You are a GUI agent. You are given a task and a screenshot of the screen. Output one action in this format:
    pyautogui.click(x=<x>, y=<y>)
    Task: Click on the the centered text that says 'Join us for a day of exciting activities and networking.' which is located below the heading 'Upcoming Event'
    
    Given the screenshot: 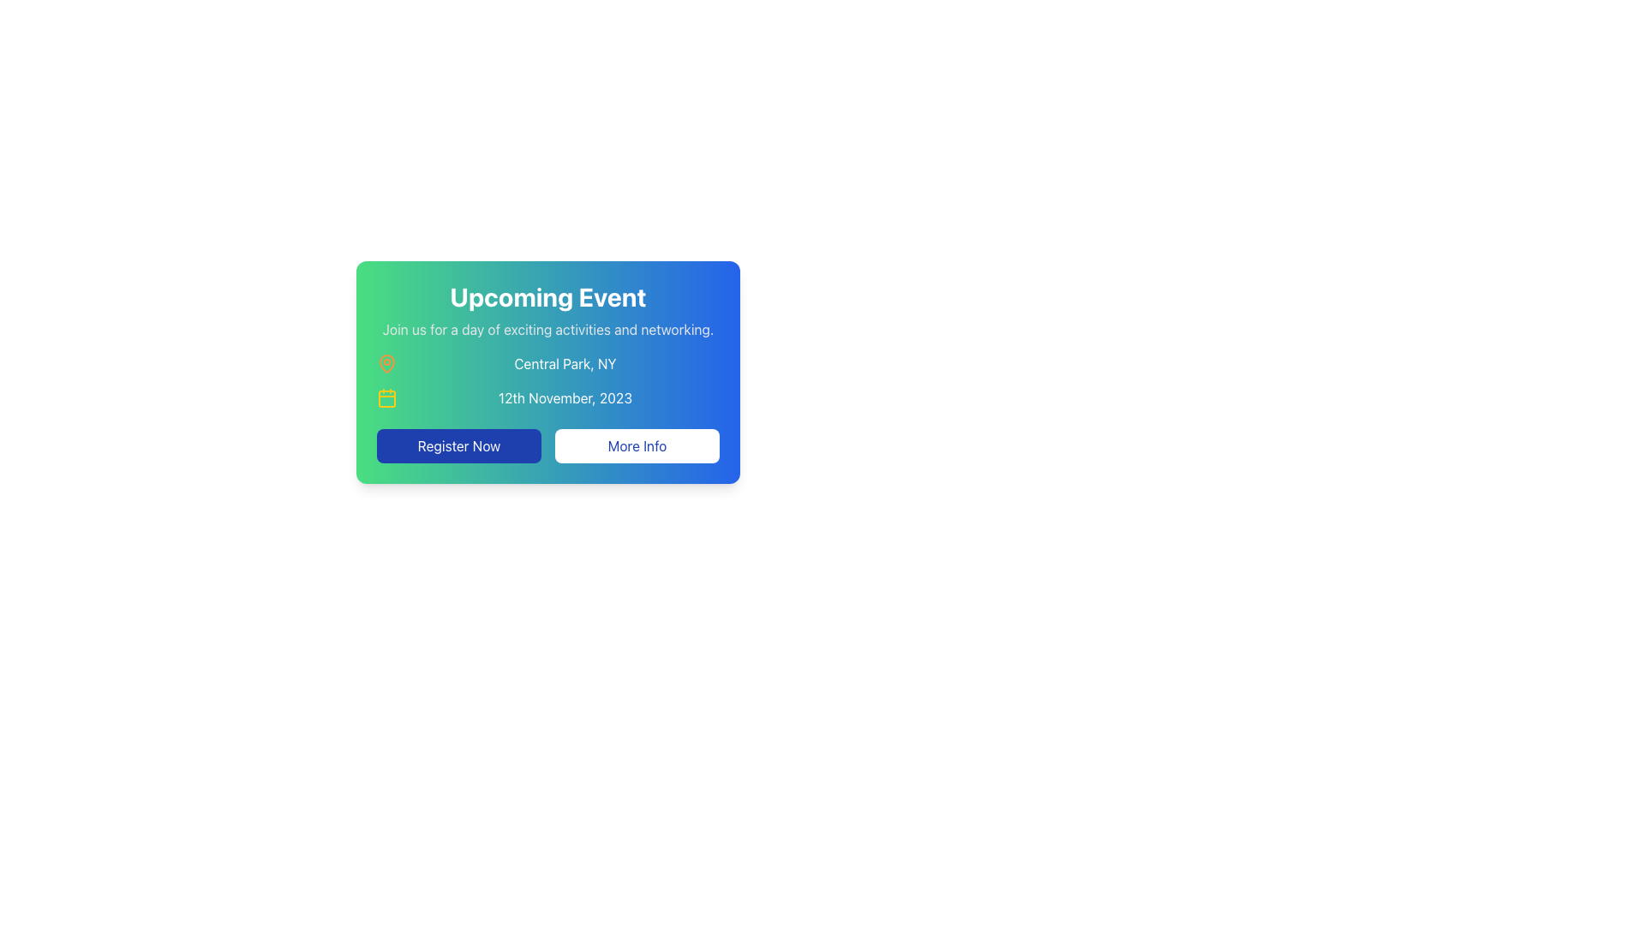 What is the action you would take?
    pyautogui.click(x=547, y=330)
    